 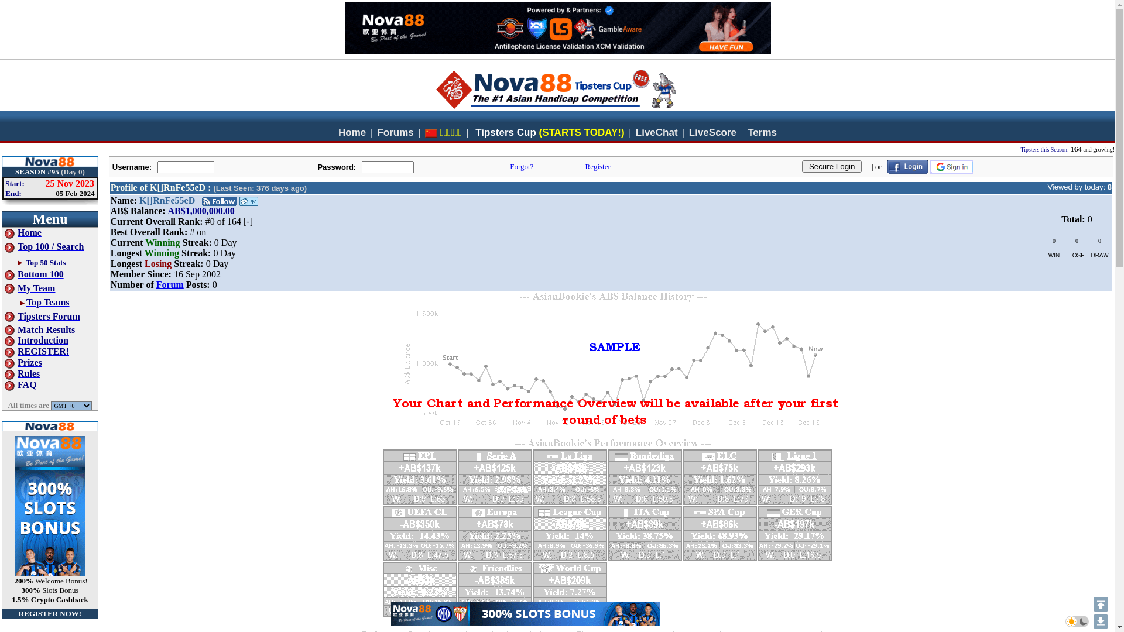 What do you see at coordinates (42, 316) in the screenshot?
I see `'Tipsters Forum'` at bounding box center [42, 316].